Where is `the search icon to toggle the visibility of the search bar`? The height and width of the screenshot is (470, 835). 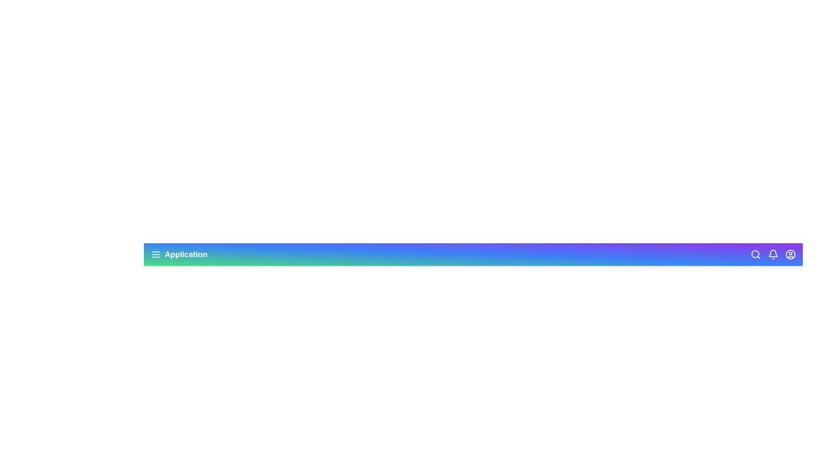
the search icon to toggle the visibility of the search bar is located at coordinates (755, 255).